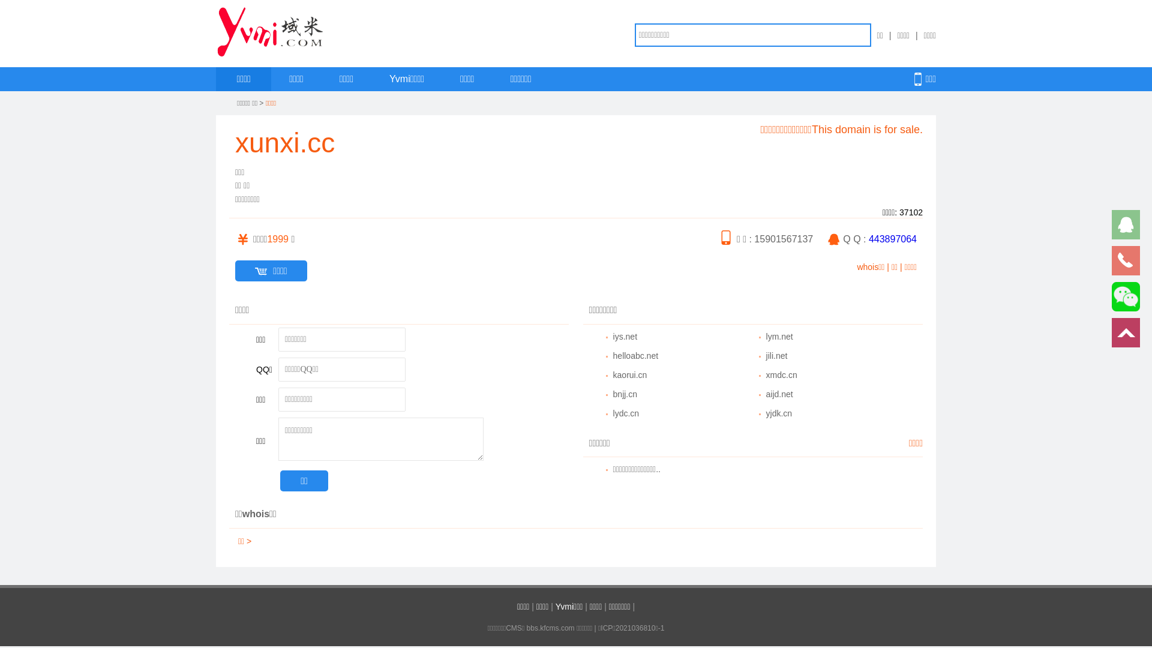 This screenshot has height=648, width=1152. I want to click on 'xmdc.cn', so click(781, 374).